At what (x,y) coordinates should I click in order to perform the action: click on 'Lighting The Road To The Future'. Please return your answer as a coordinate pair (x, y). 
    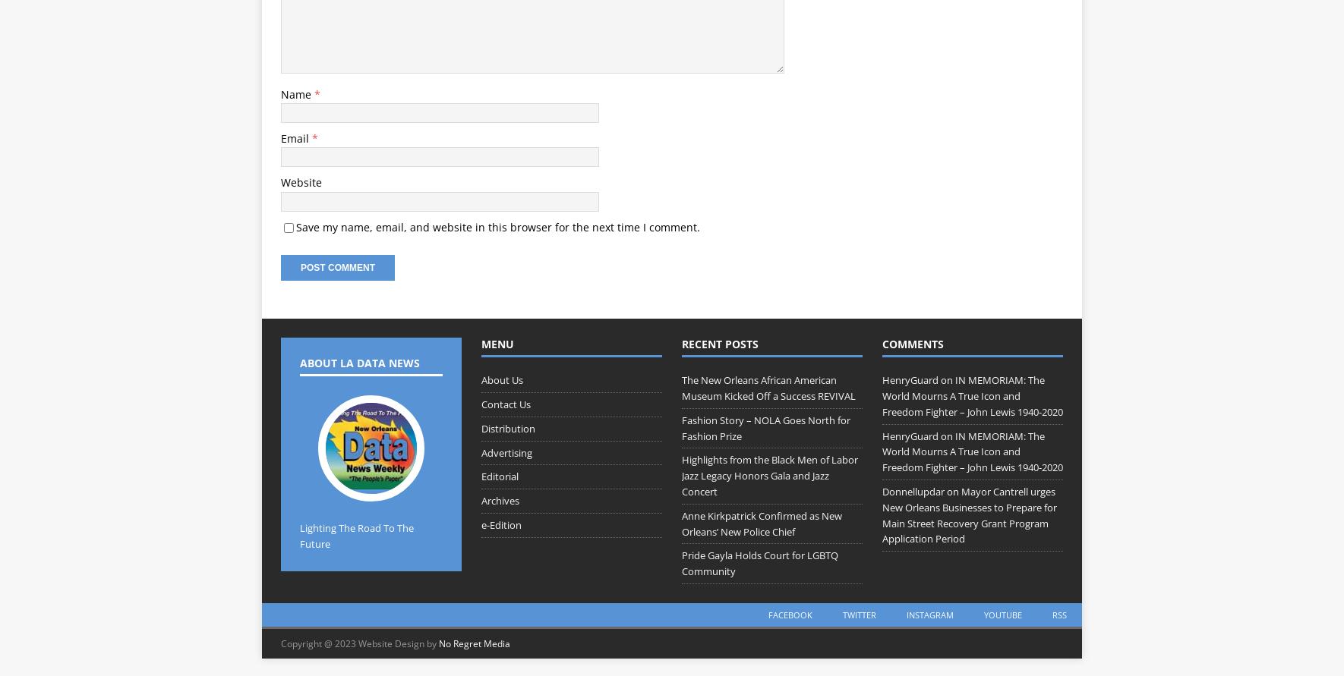
    Looking at the image, I should click on (356, 535).